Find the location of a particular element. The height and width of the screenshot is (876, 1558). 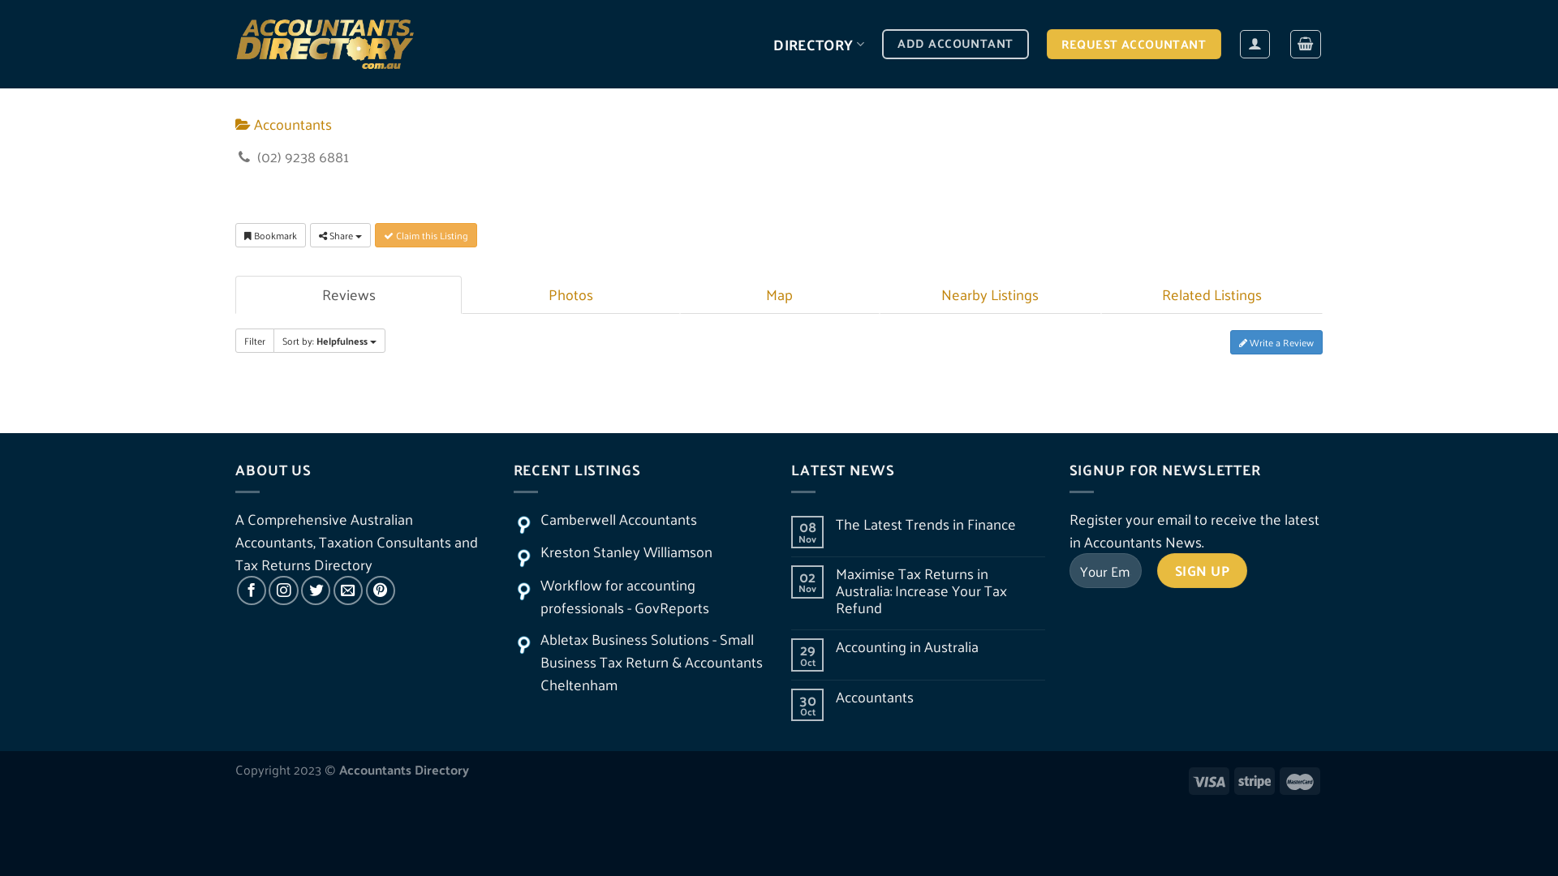

'Share' is located at coordinates (339, 234).